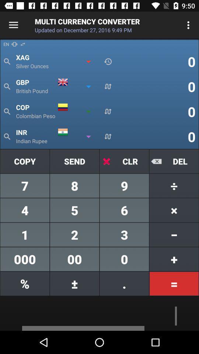  Describe the element at coordinates (7, 136) in the screenshot. I see `the search icon` at that location.